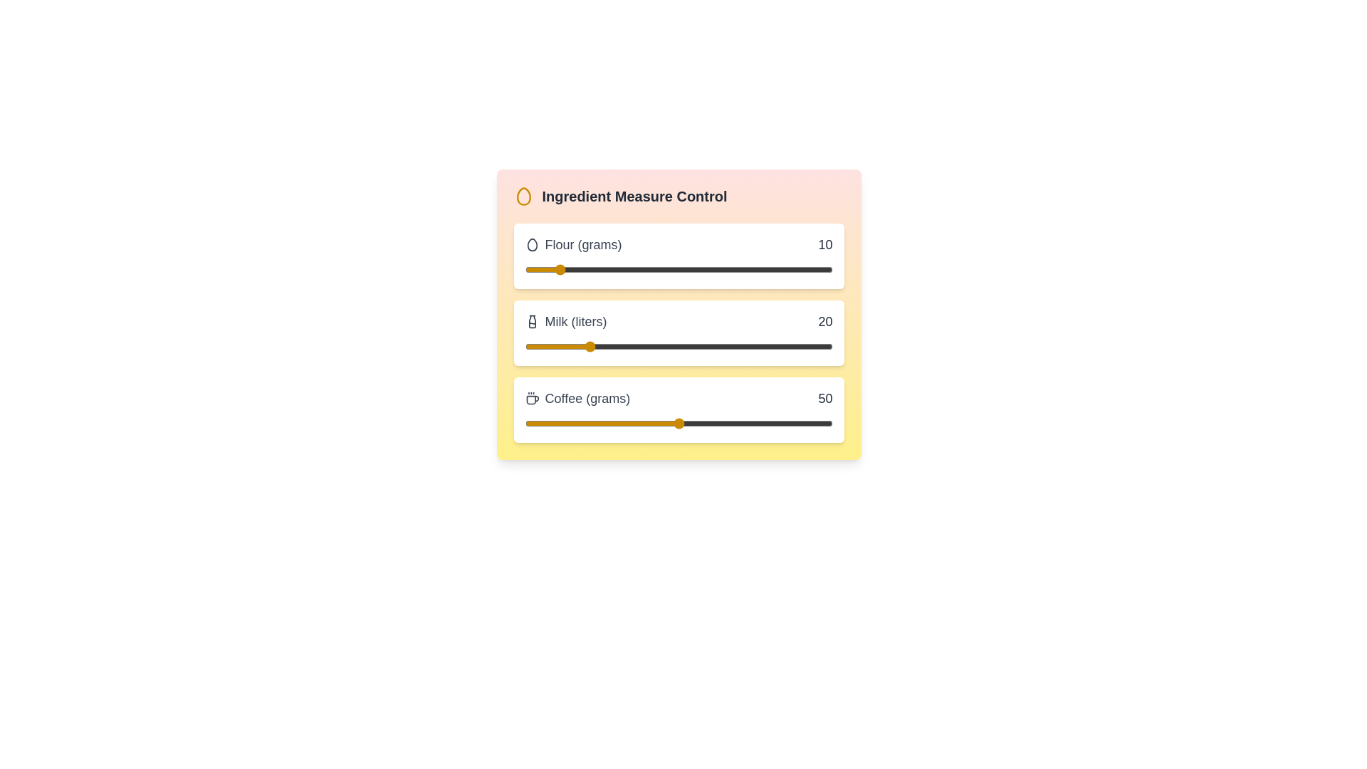 This screenshot has height=769, width=1367. What do you see at coordinates (627, 422) in the screenshot?
I see `the coffee amount slider` at bounding box center [627, 422].